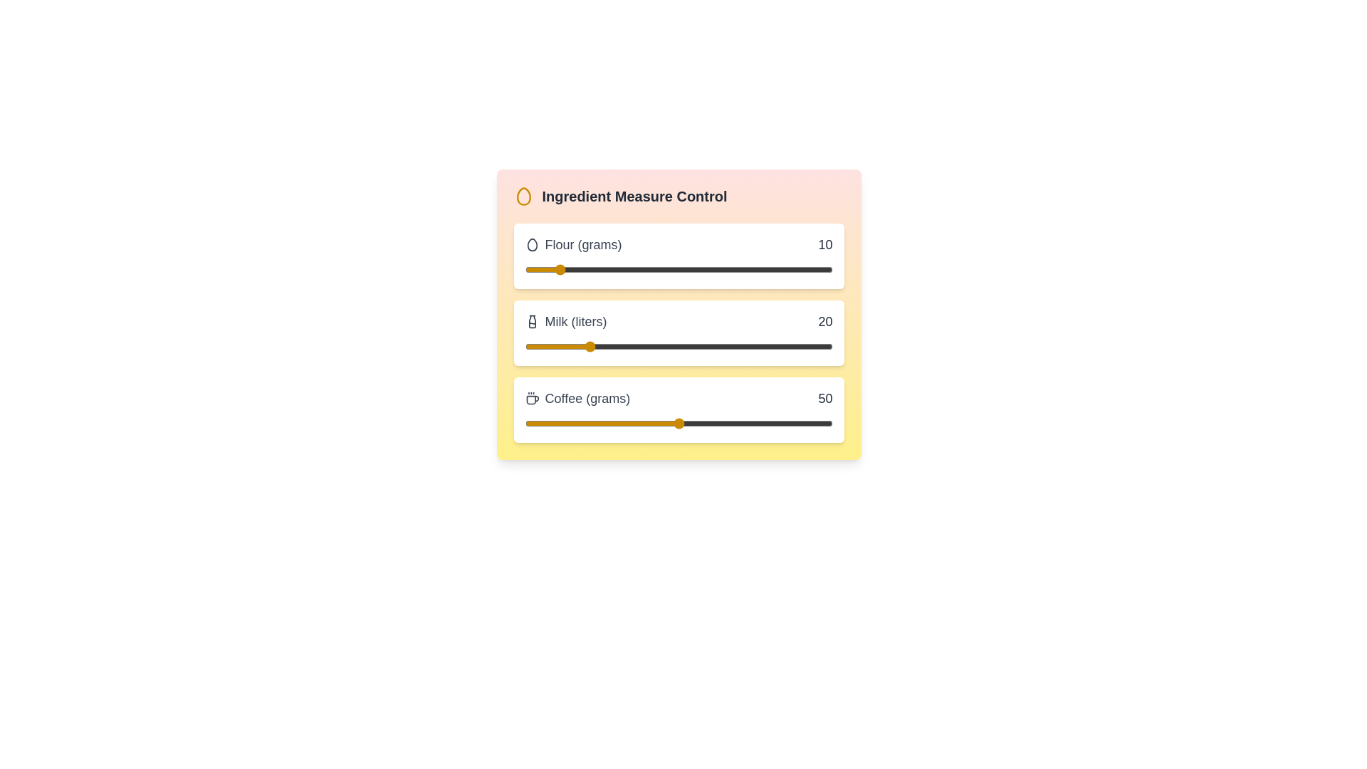 This screenshot has height=769, width=1367. What do you see at coordinates (627, 422) in the screenshot?
I see `the coffee amount slider` at bounding box center [627, 422].